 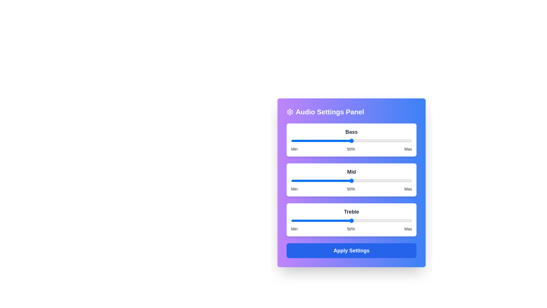 What do you see at coordinates (351, 220) in the screenshot?
I see `the treble settings slider, which is positioned below the 'Treble' label and above the 'Min 50% Max' text, to trigger a tooltip or highlight effect` at bounding box center [351, 220].